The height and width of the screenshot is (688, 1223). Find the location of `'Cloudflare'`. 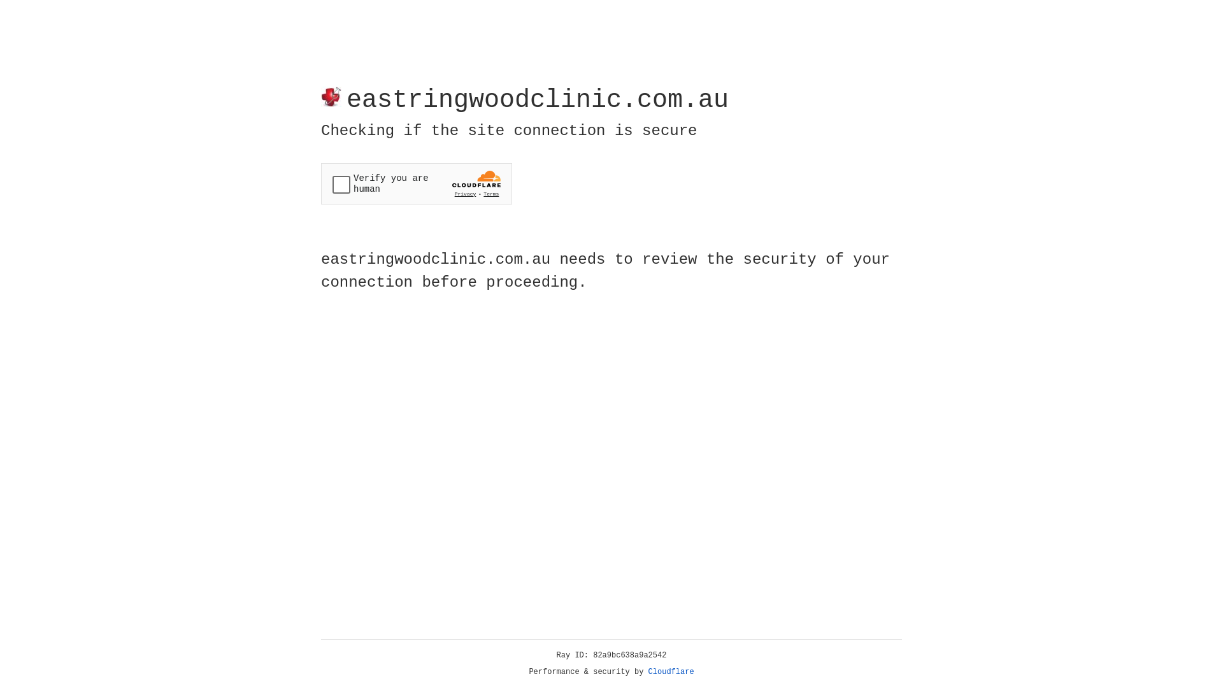

'Cloudflare' is located at coordinates (671, 671).